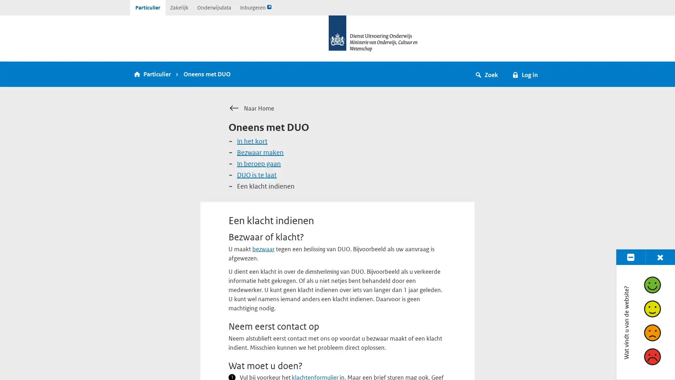 The height and width of the screenshot is (380, 675). Describe the element at coordinates (651, 356) in the screenshot. I see `Slecht` at that location.